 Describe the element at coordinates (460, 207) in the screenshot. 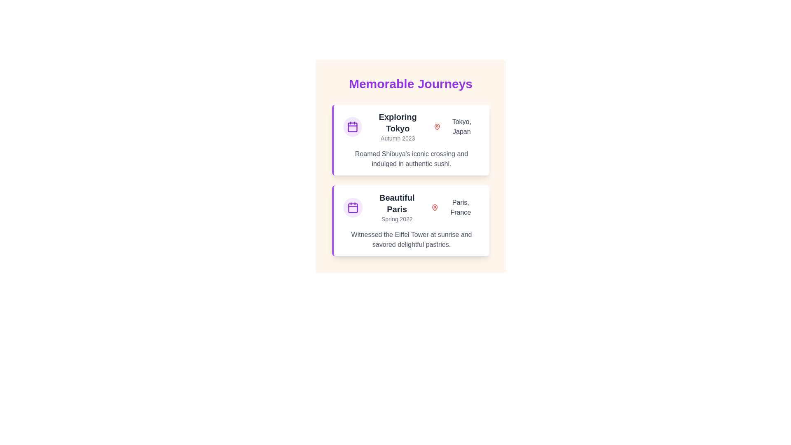

I see `text content of the label displaying 'Paris, France,' which is located in the second card of the 'Memorable Journeys' list, aligned to the right of the card next to the pin icon` at that location.